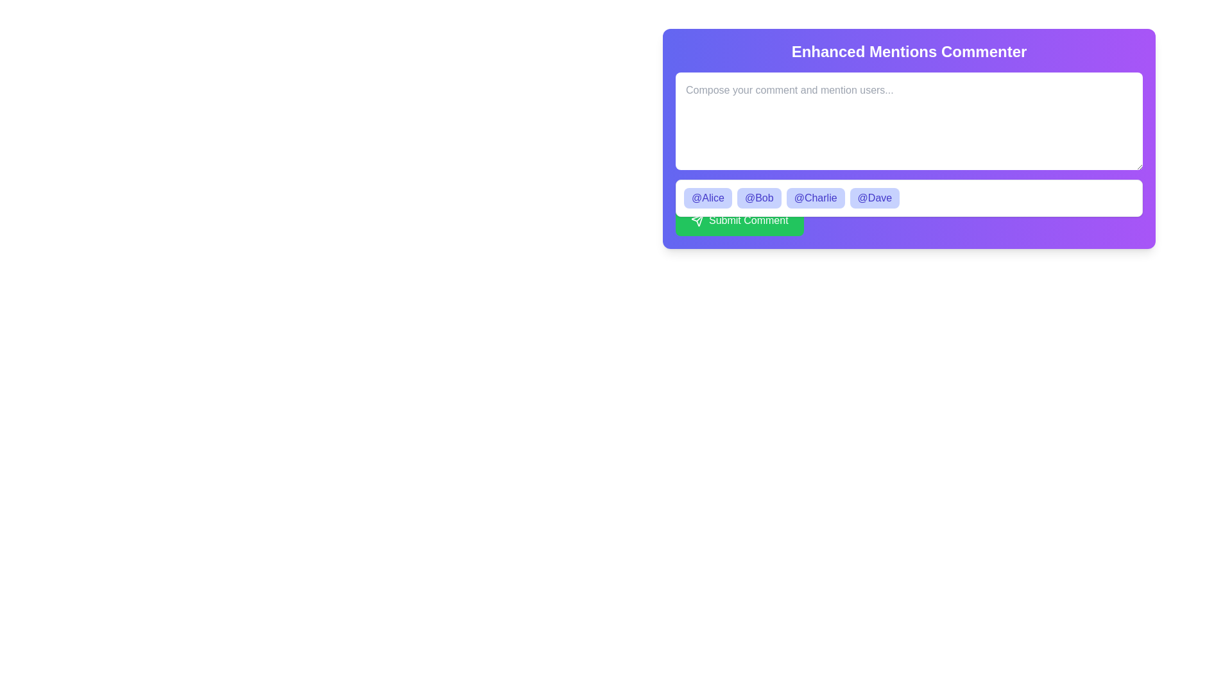 Image resolution: width=1232 pixels, height=693 pixels. Describe the element at coordinates (815, 198) in the screenshot. I see `the Interactive button displaying '@Charlie' in bold text with a light indigo background` at that location.